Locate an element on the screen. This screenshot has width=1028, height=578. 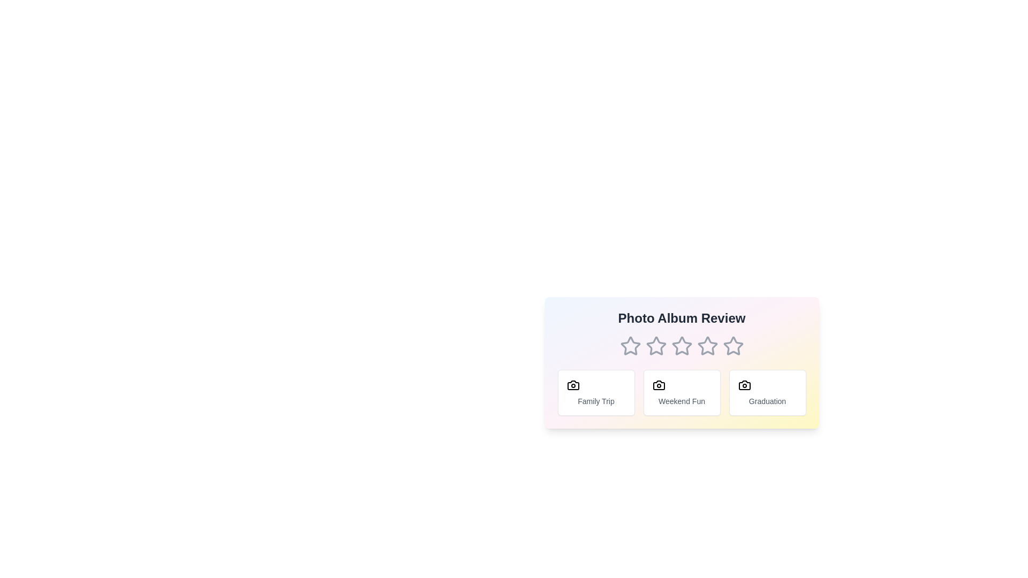
the 1 star to set the rating is located at coordinates (630, 346).